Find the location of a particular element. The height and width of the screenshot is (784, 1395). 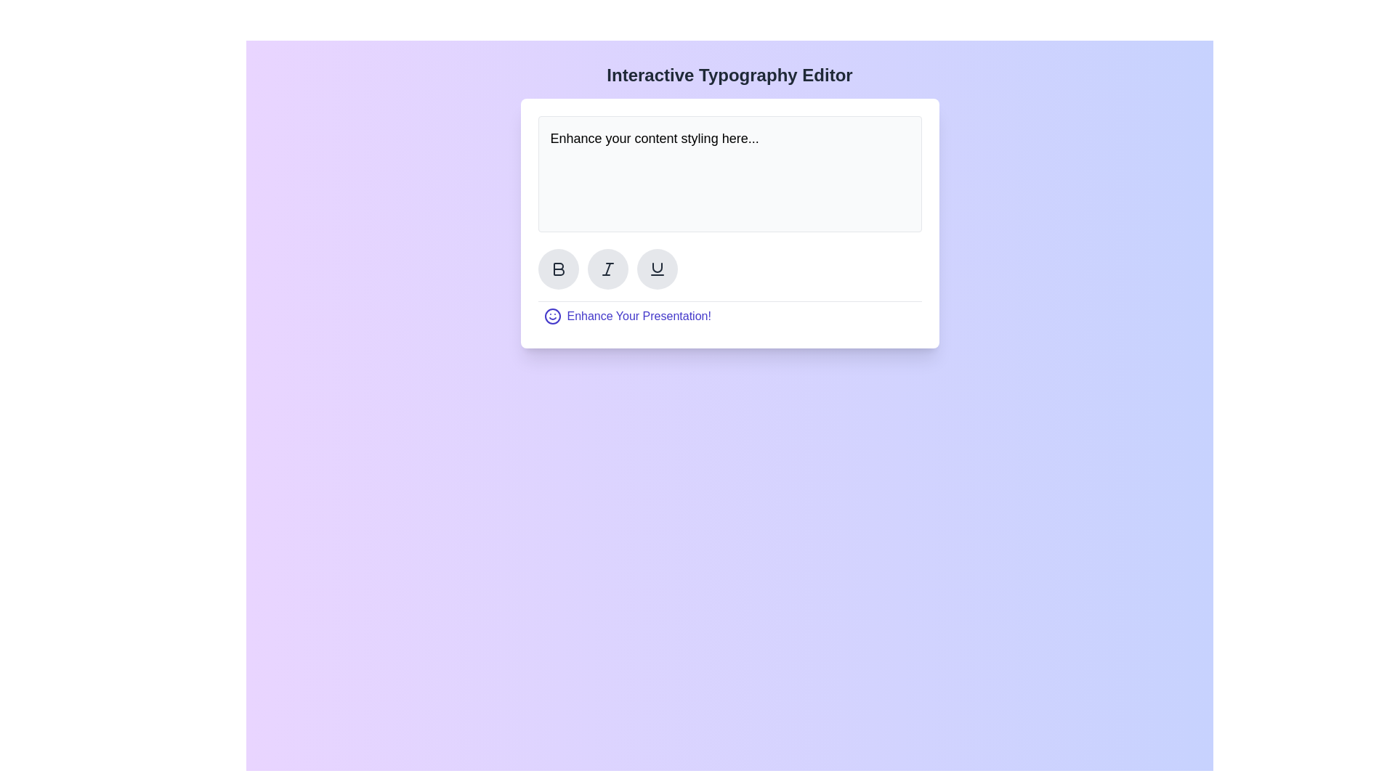

the circular gray button with an italic 'I' icon to apply italic formatting, located in the middle of the toolbar below the text input field is located at coordinates (607, 269).